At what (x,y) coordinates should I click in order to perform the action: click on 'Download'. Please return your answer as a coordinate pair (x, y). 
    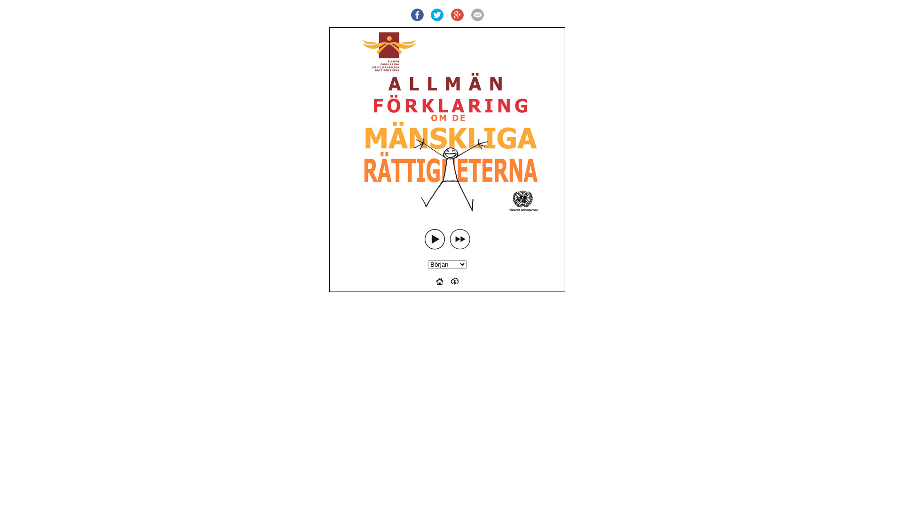
    Looking at the image, I should click on (455, 282).